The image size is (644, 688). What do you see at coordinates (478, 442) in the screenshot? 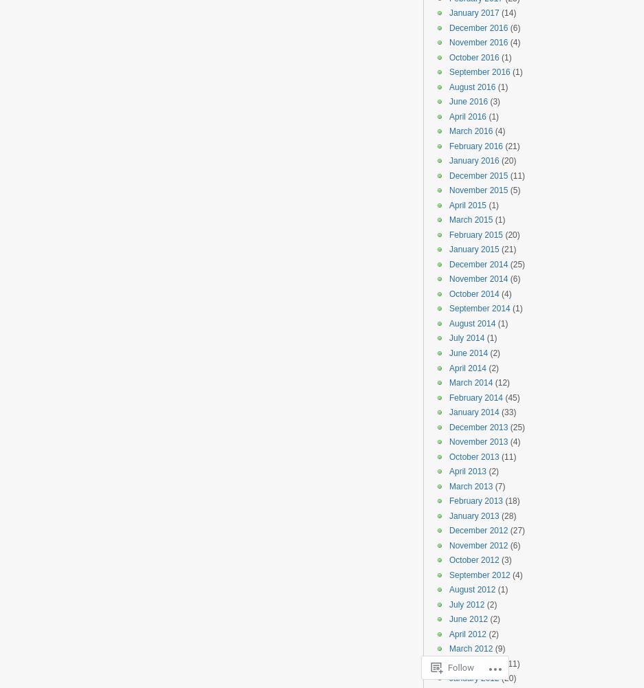
I see `'November 2013'` at bounding box center [478, 442].